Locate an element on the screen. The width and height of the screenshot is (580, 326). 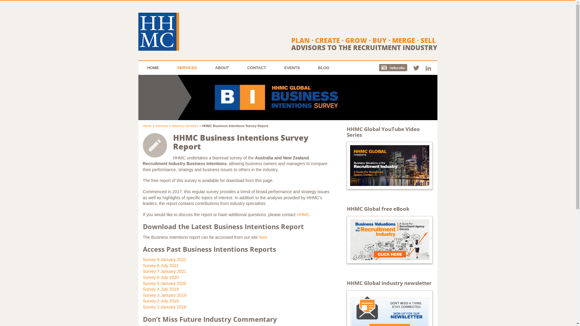
'Survey 9 January 2022' is located at coordinates (164, 259).